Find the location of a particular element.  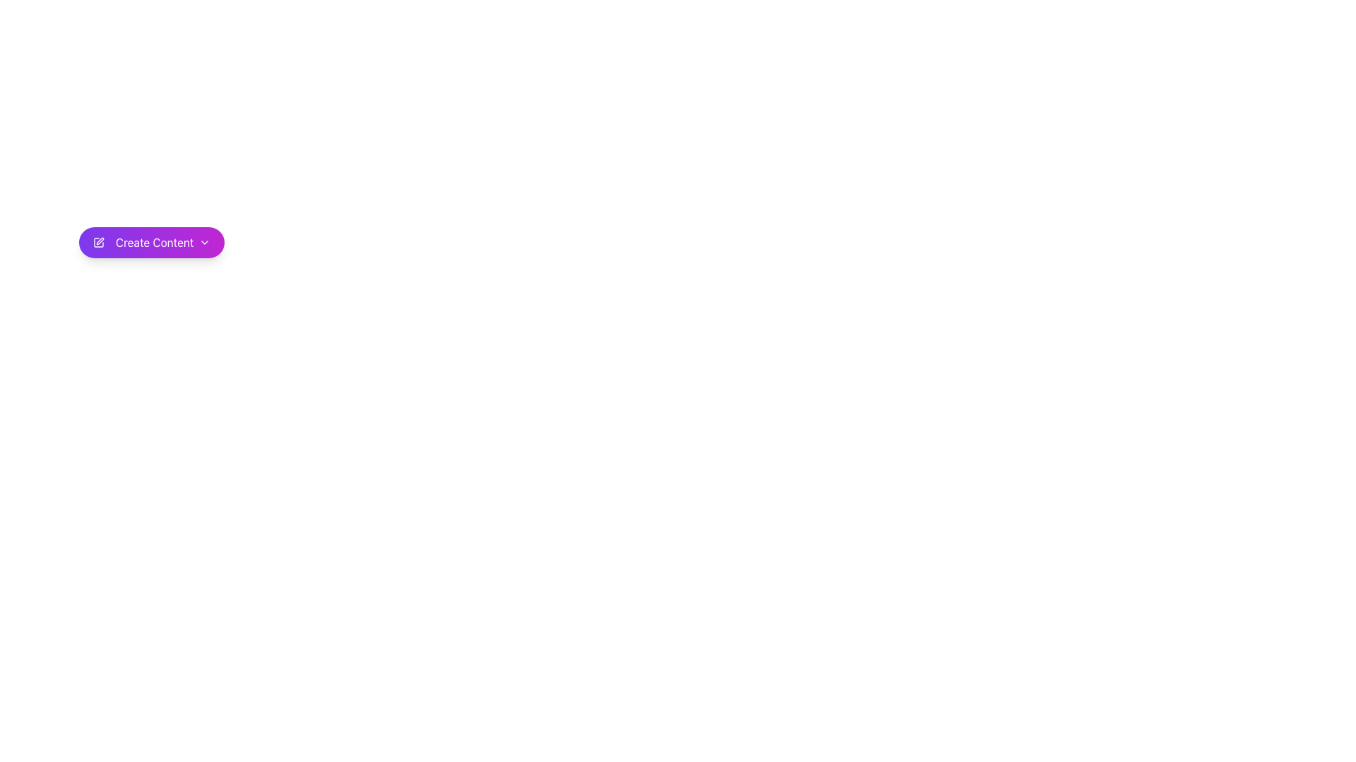

the small, downward-facing chevron icon located to the far right within the rounded purple button labeled 'Create Content' is located at coordinates (204, 241).